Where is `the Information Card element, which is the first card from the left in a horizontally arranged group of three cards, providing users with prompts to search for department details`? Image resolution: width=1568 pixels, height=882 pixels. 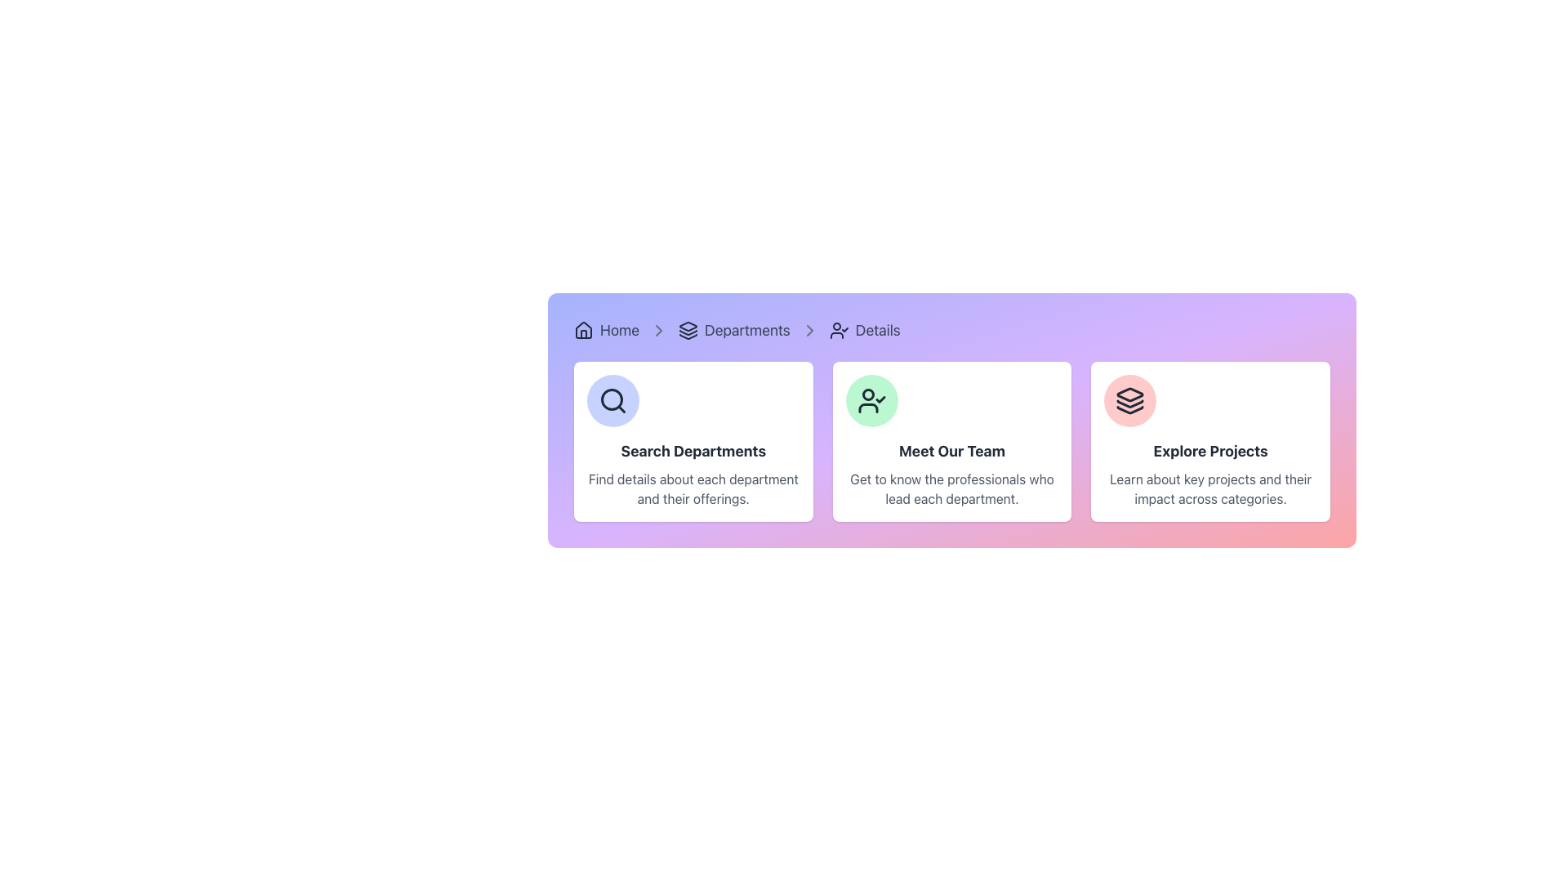
the Information Card element, which is the first card from the left in a horizontally arranged group of three cards, providing users with prompts to search for department details is located at coordinates (693, 441).